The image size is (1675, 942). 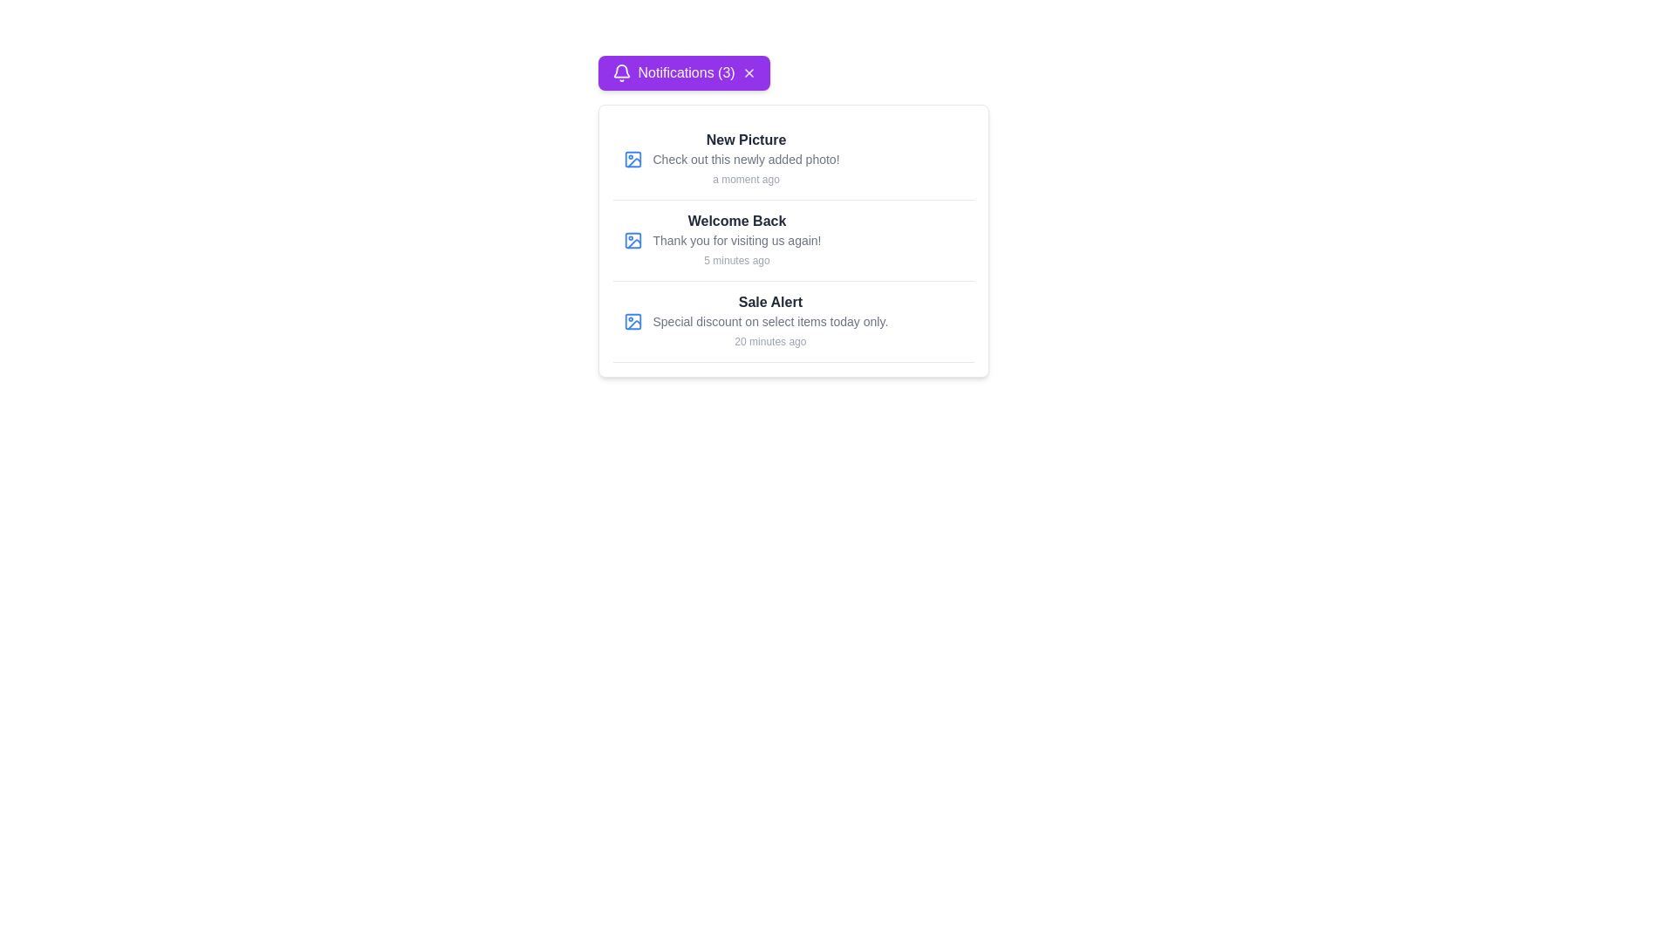 What do you see at coordinates (736, 261) in the screenshot?
I see `the text label displaying '5 minutes ago' within the 'Welcome Back' notification card, positioned below the subtitle 'Thank you for visiting us again!'` at bounding box center [736, 261].